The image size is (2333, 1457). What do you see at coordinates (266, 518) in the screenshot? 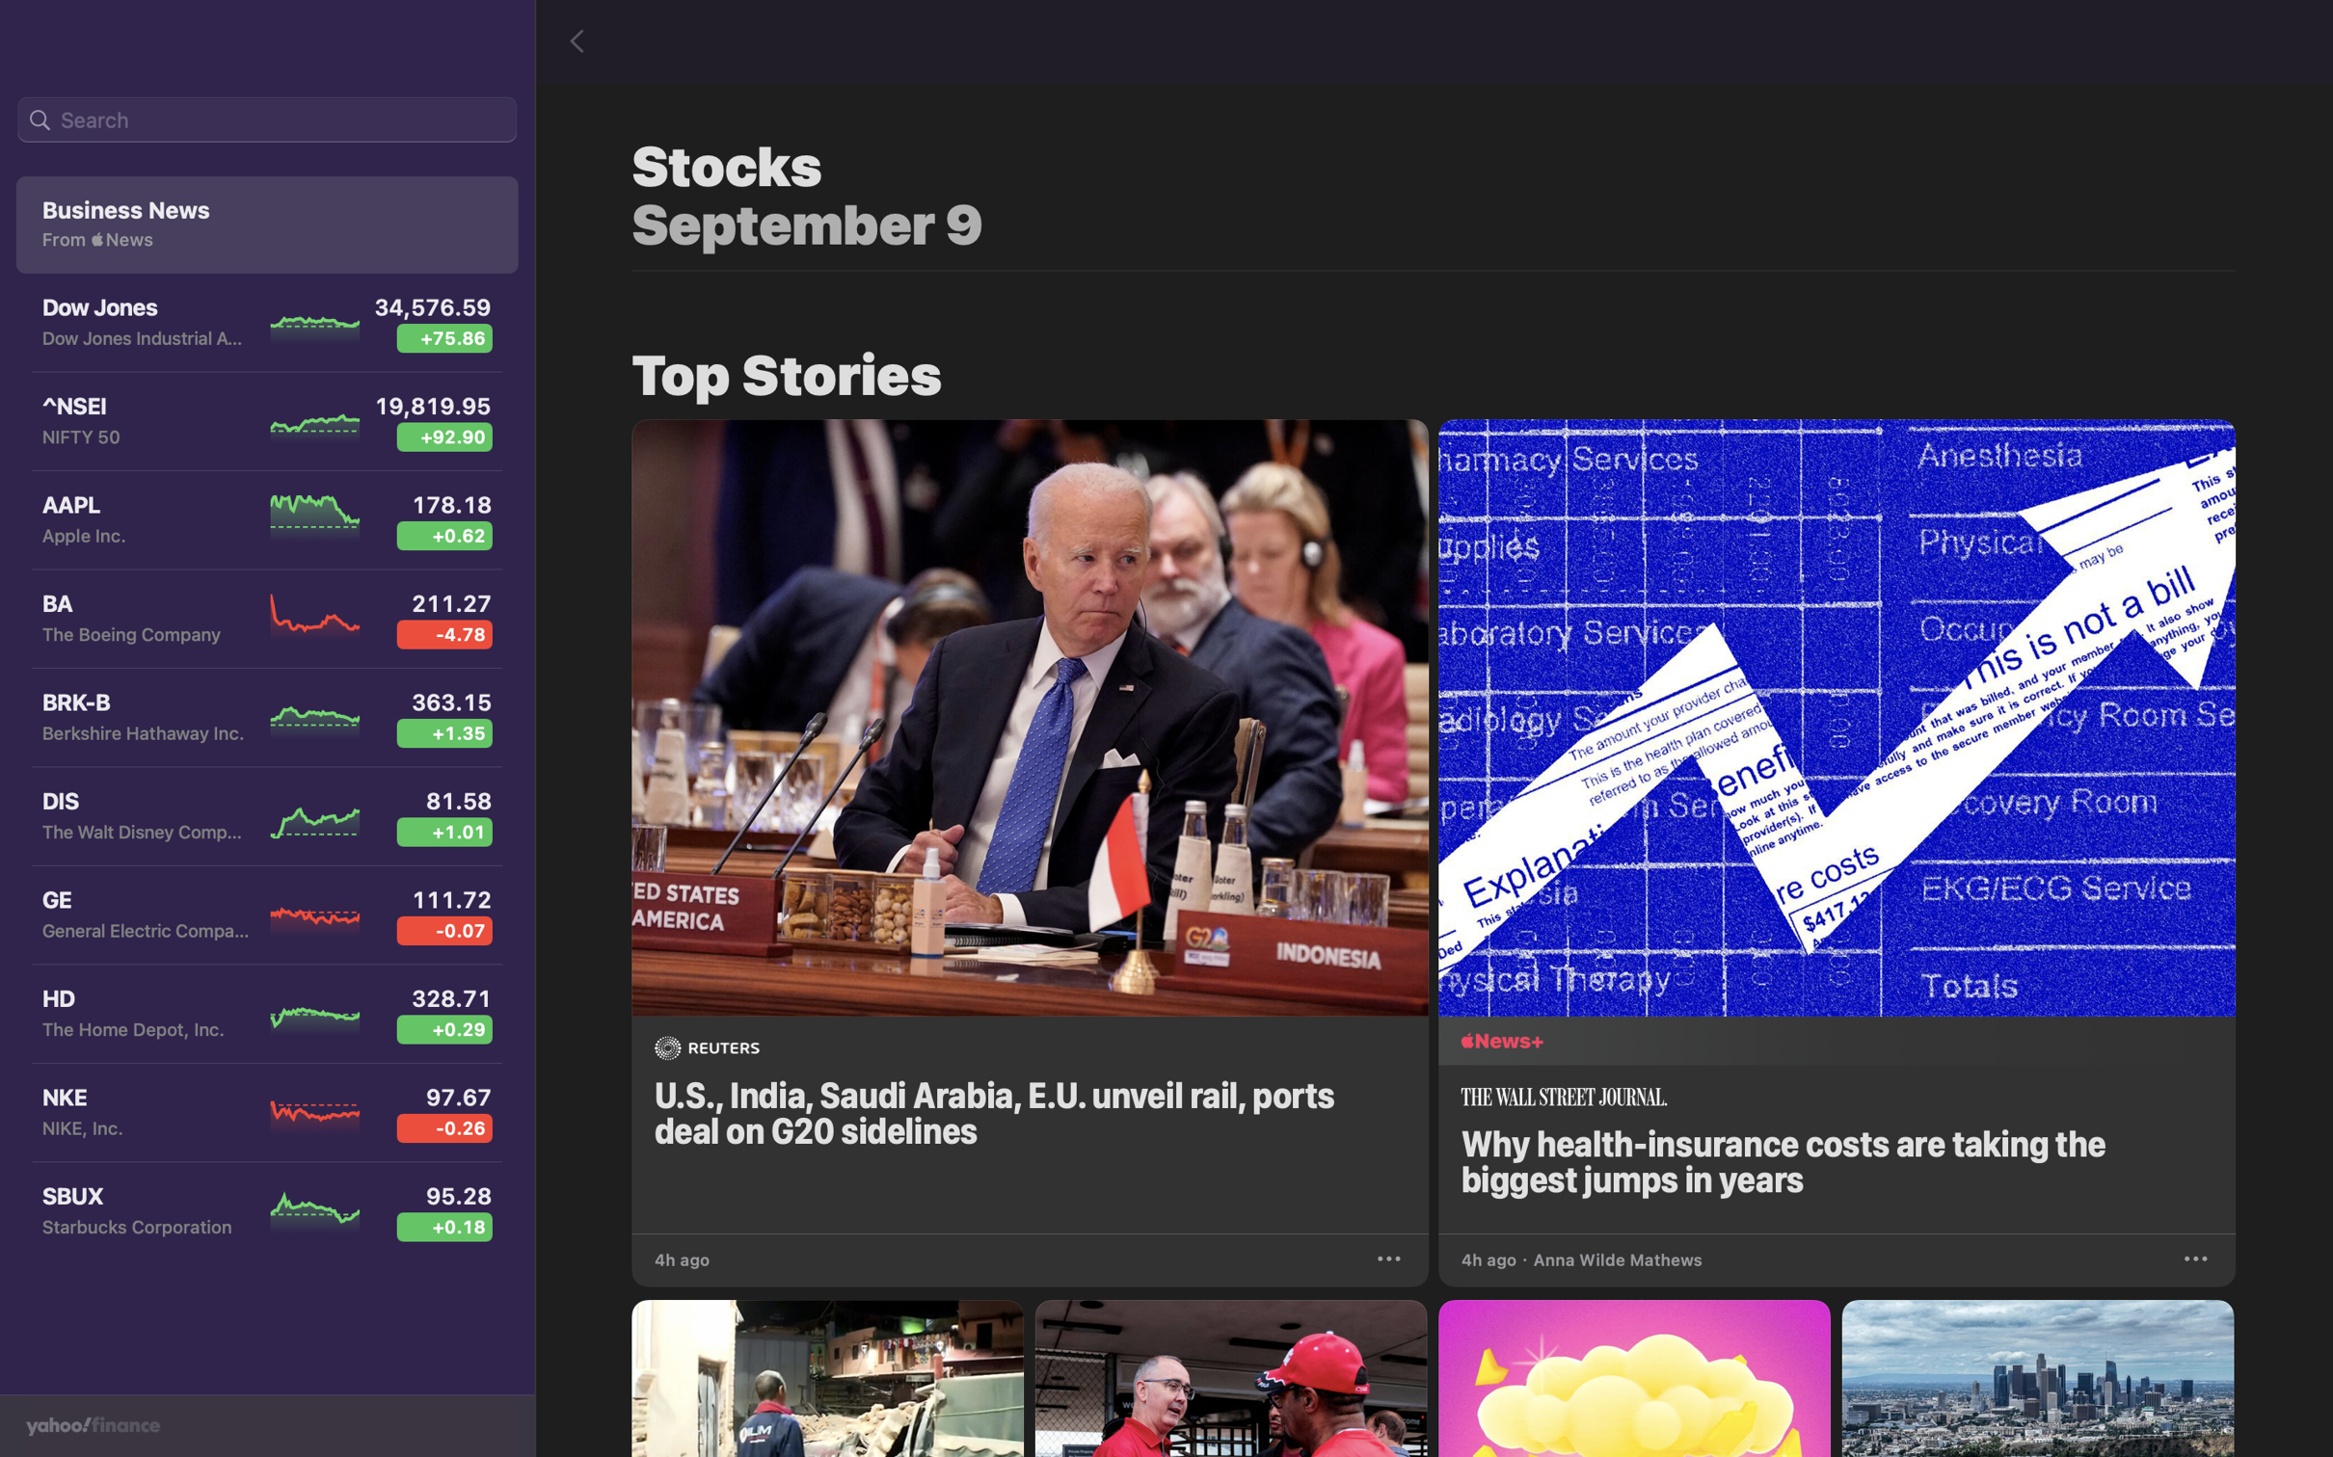
I see `Start the Apple Inc stock` at bounding box center [266, 518].